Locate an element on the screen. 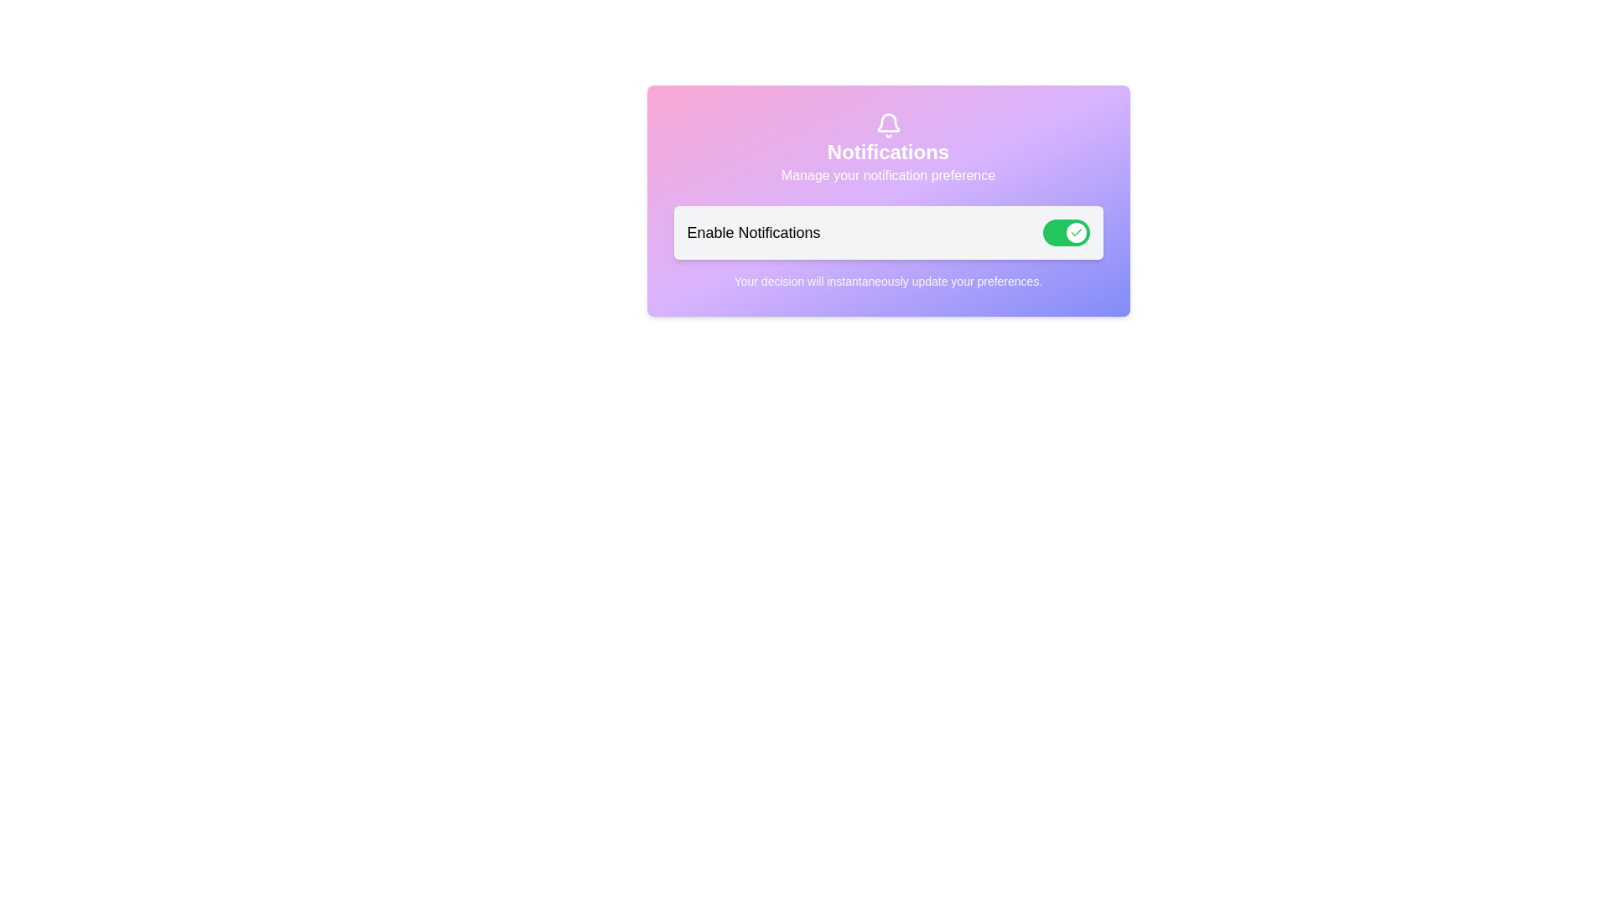 This screenshot has width=1610, height=905. the text label that serves as a title for the notification management section, positioned below a bell icon and above the 'Manage your notification preference' text is located at coordinates (887, 152).